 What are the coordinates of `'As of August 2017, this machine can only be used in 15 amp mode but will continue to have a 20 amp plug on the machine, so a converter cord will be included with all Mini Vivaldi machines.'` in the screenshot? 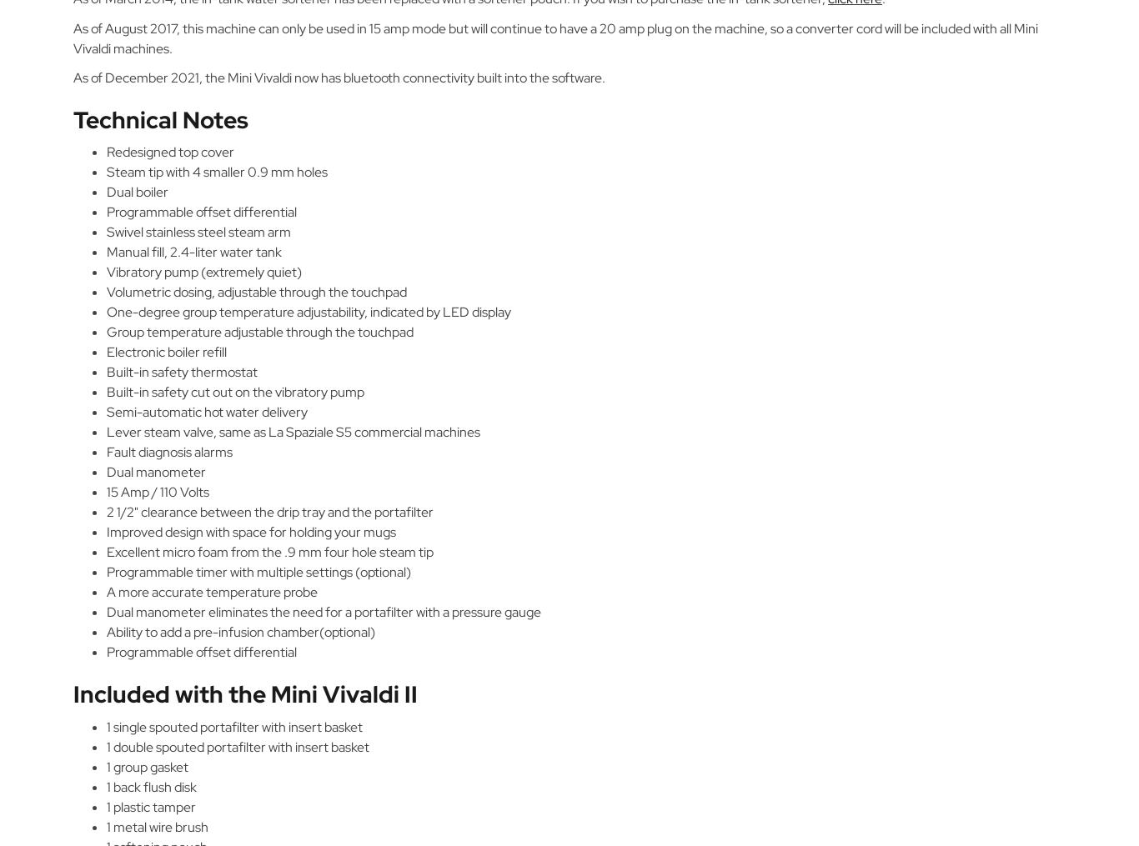 It's located at (554, 37).